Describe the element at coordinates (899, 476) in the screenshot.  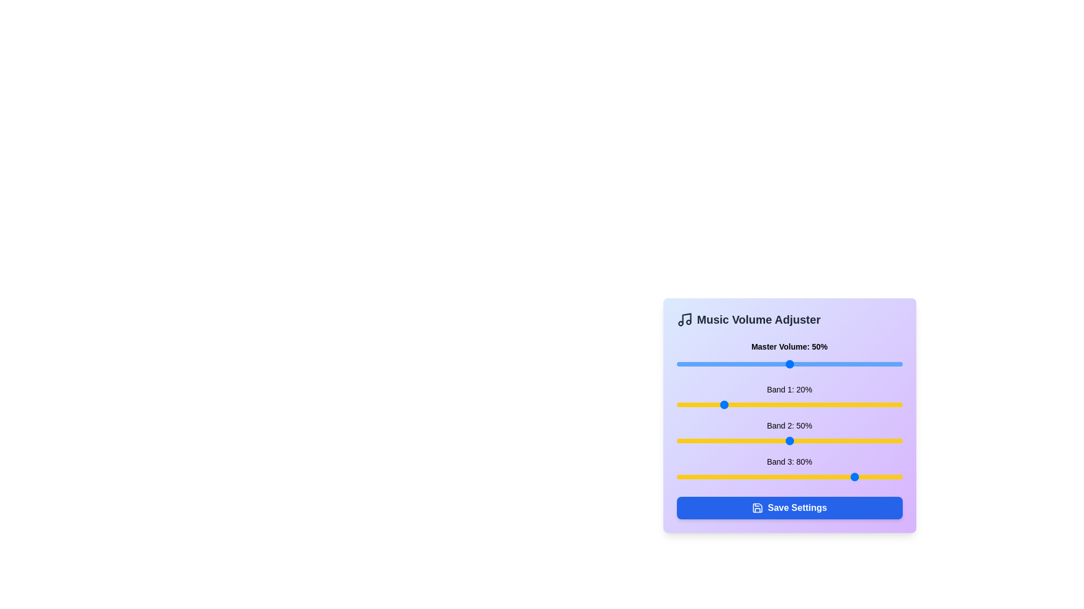
I see `Band 3` at that location.